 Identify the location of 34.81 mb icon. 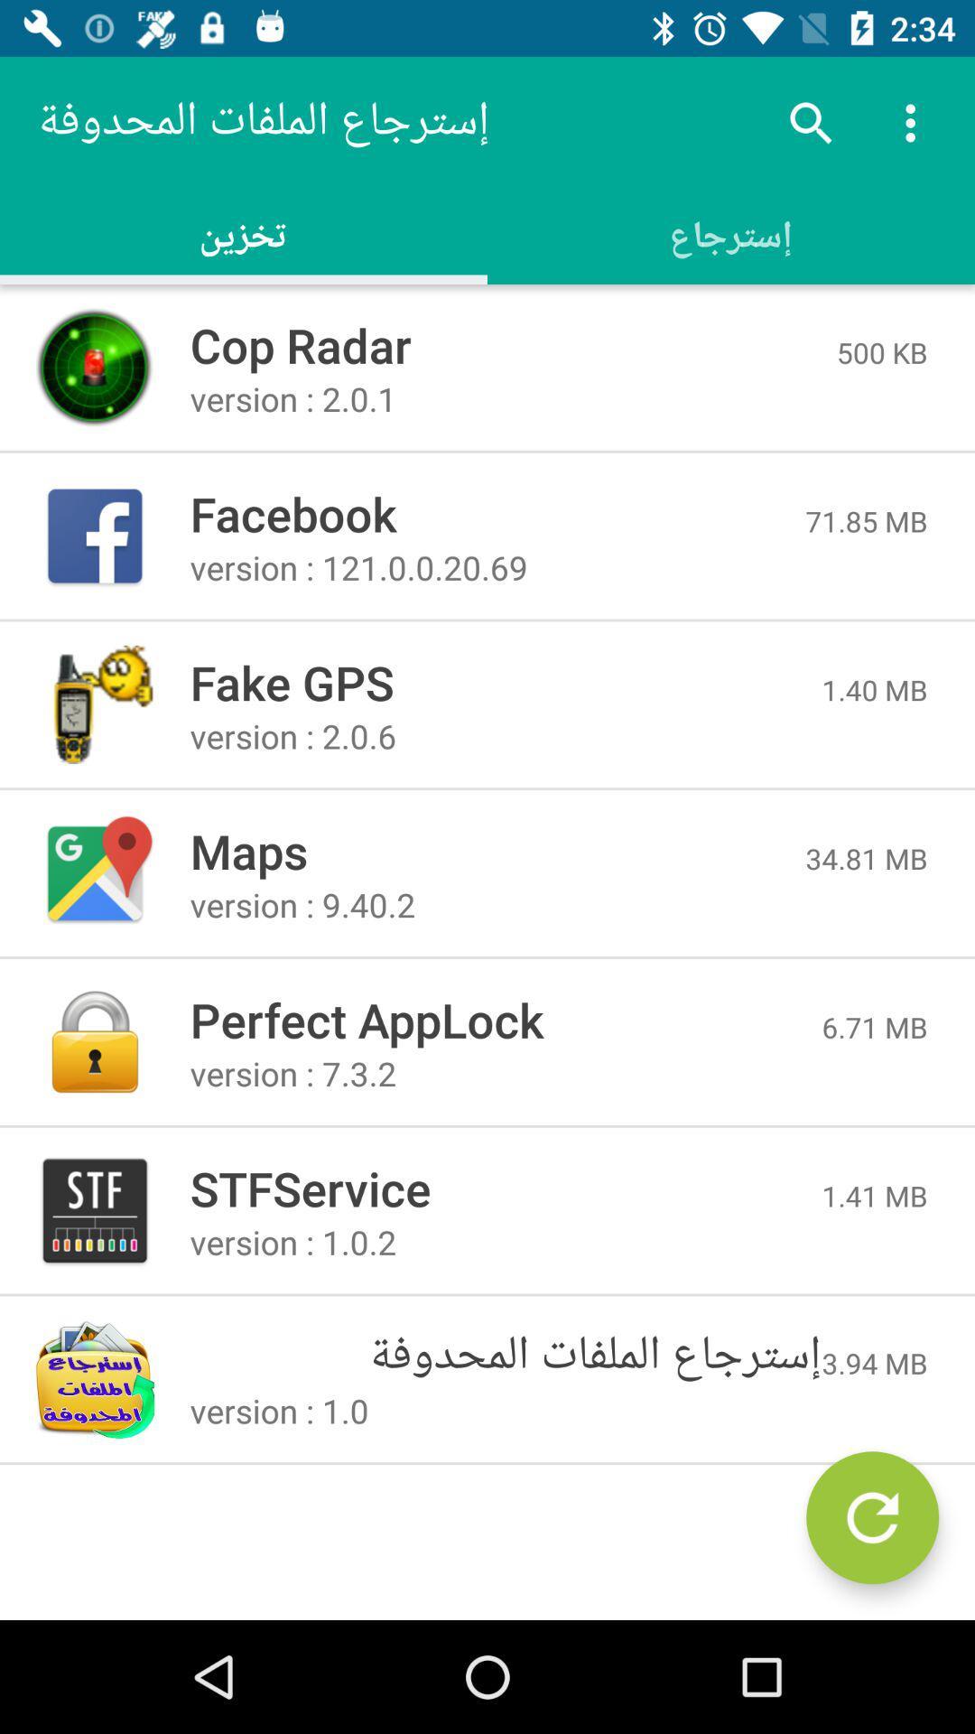
(866, 857).